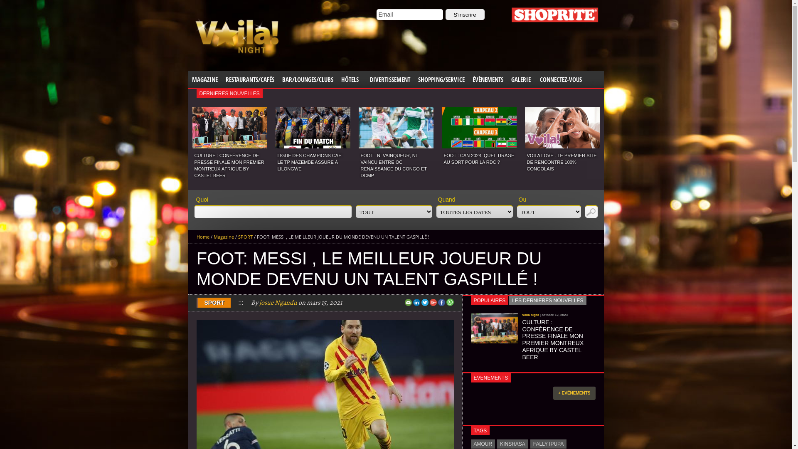  Describe the element at coordinates (508, 300) in the screenshot. I see `'LES DERNIERES NOUVELLES'` at that location.